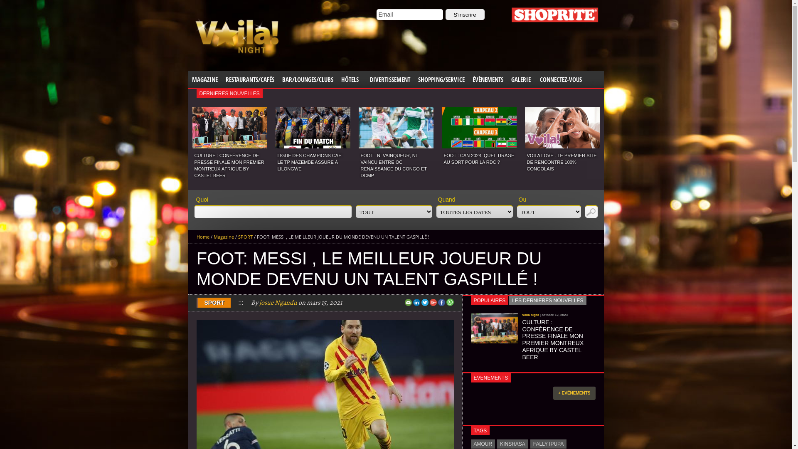  Describe the element at coordinates (508, 300) in the screenshot. I see `'LES DERNIERES NOUVELLES'` at that location.